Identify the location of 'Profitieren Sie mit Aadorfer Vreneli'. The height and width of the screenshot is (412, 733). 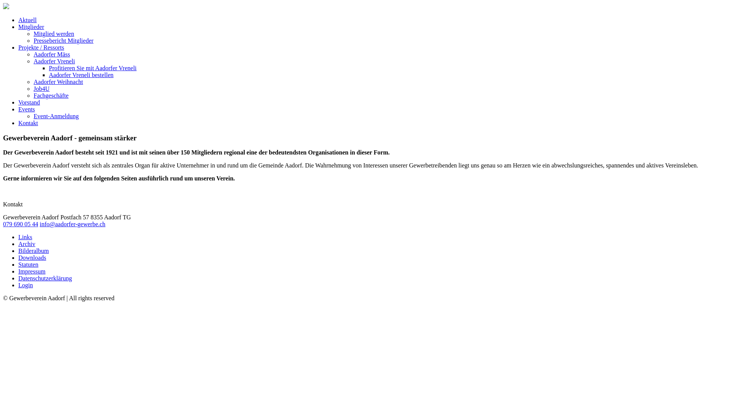
(92, 68).